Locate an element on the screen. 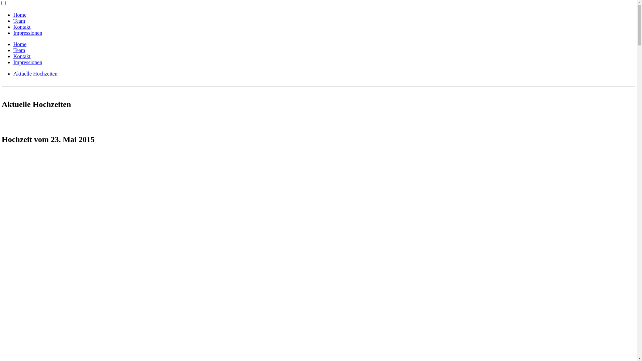 This screenshot has width=642, height=361. 'Impressionen' is located at coordinates (27, 33).